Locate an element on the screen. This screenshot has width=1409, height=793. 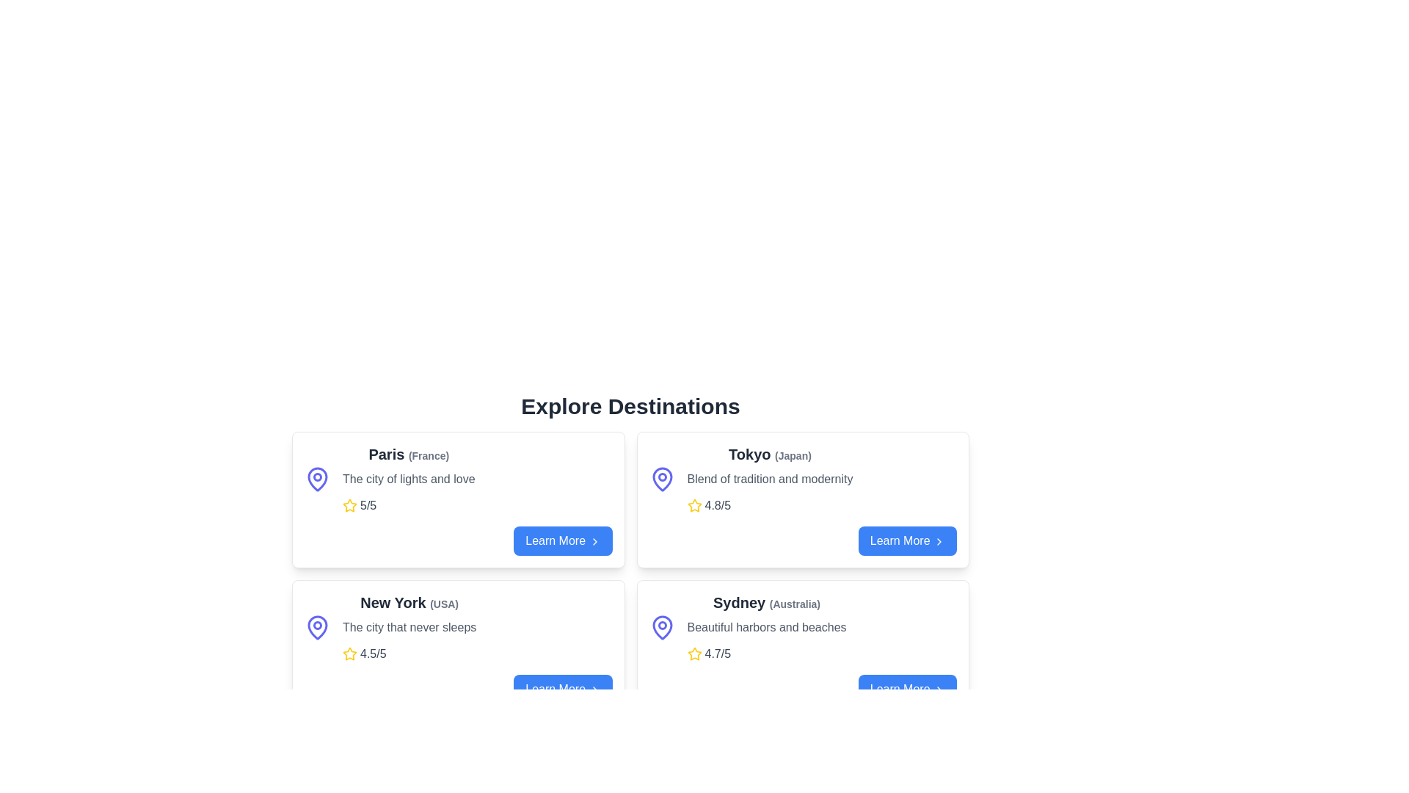
the rating information displayed in the Text with Icon is located at coordinates (769, 505).